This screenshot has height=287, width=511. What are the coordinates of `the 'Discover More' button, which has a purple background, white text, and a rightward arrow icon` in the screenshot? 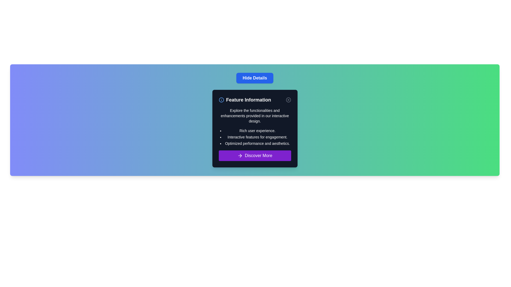 It's located at (254, 155).